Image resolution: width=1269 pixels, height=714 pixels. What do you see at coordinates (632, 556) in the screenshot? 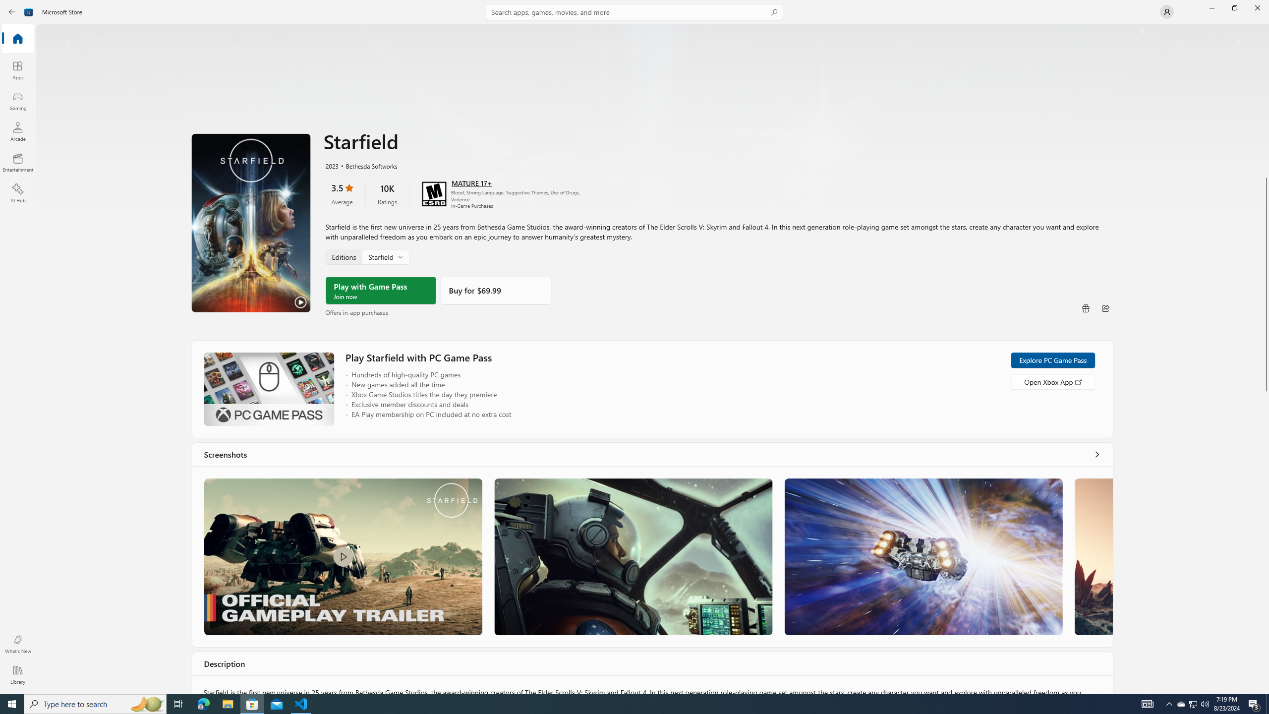
I see `'Screenshot 2'` at bounding box center [632, 556].